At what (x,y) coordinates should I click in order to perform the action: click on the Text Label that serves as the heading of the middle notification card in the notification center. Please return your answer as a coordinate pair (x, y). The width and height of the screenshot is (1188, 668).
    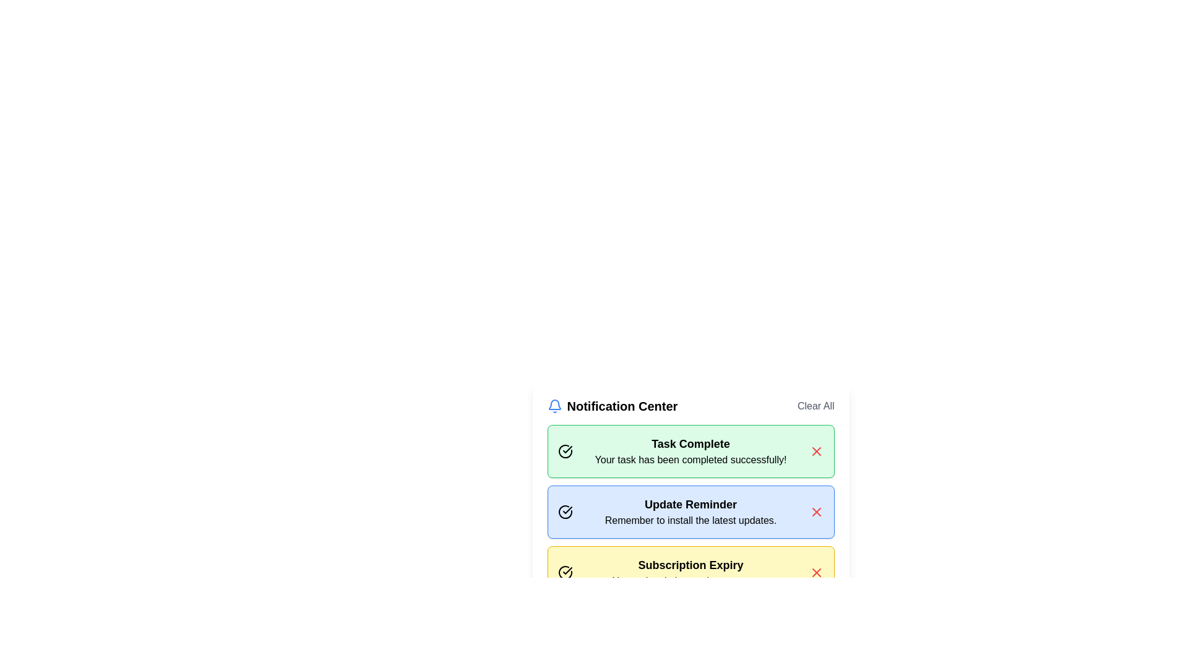
    Looking at the image, I should click on (690, 505).